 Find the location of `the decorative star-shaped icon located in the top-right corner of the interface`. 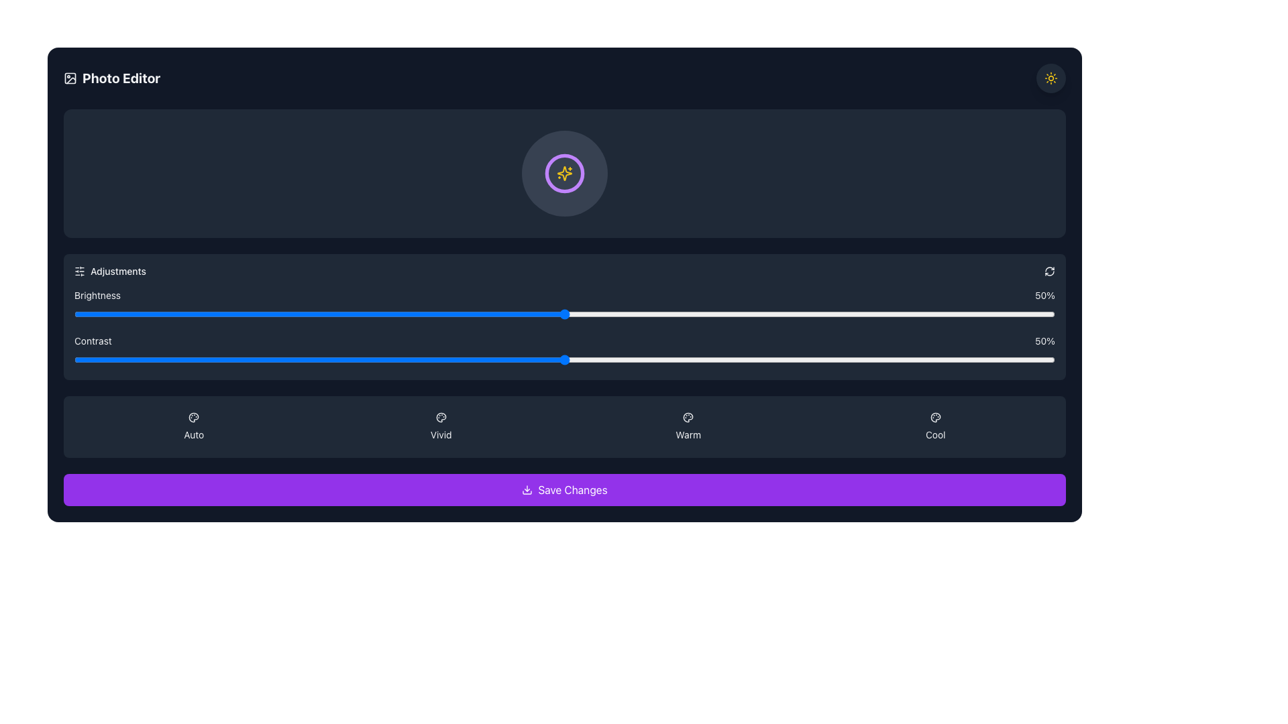

the decorative star-shaped icon located in the top-right corner of the interface is located at coordinates (564, 172).